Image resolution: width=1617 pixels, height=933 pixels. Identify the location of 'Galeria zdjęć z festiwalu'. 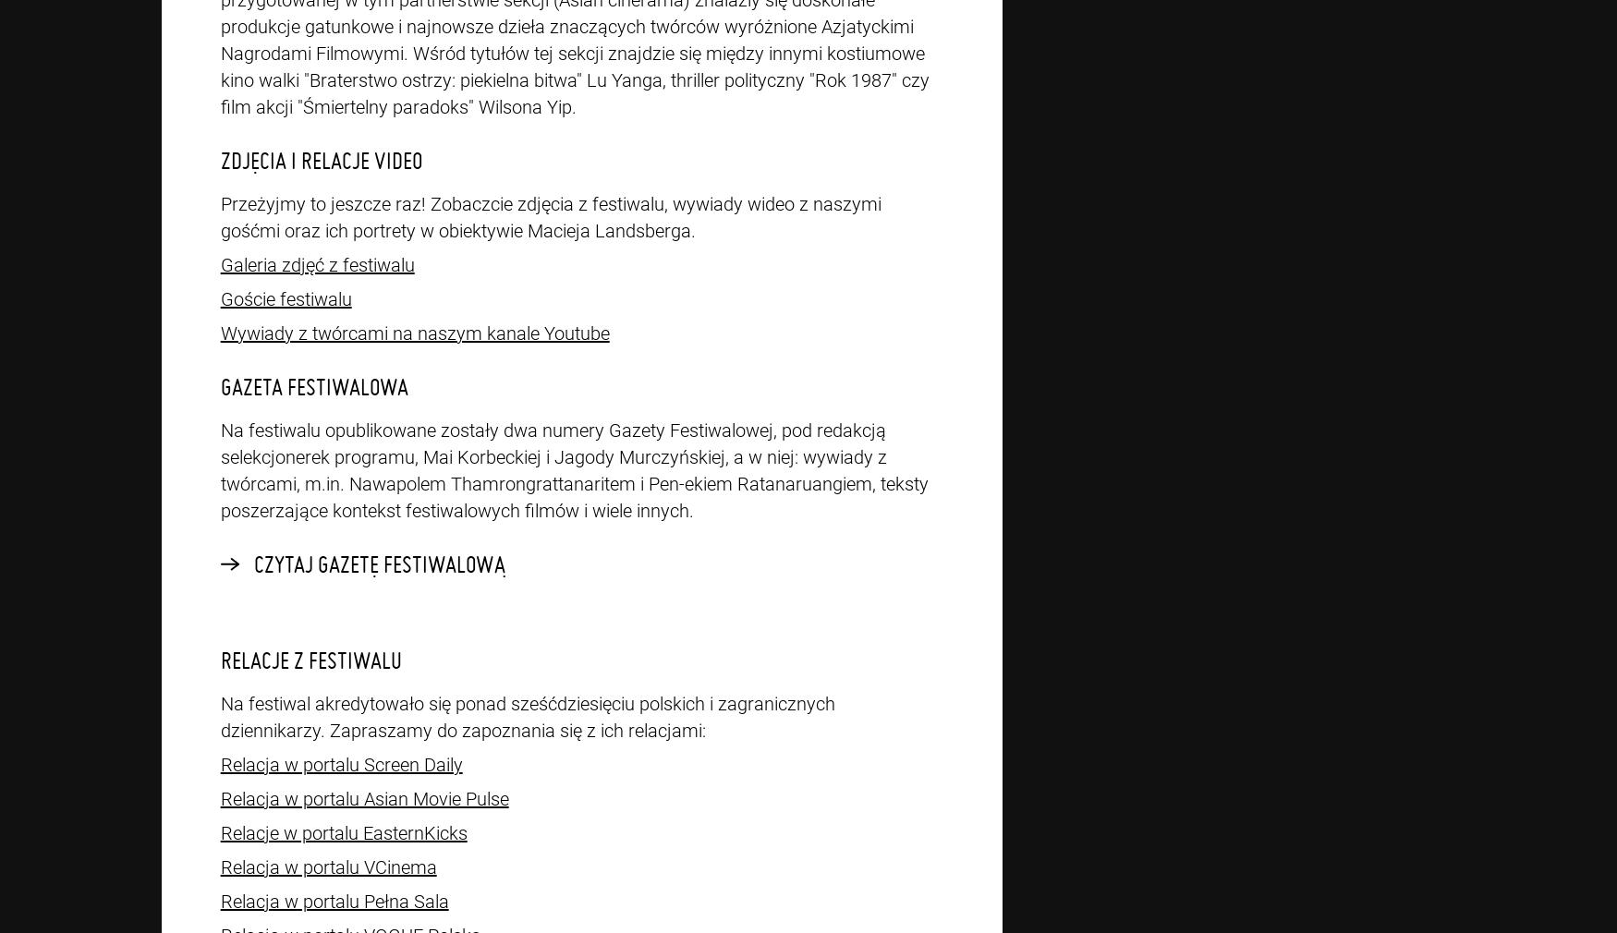
(317, 265).